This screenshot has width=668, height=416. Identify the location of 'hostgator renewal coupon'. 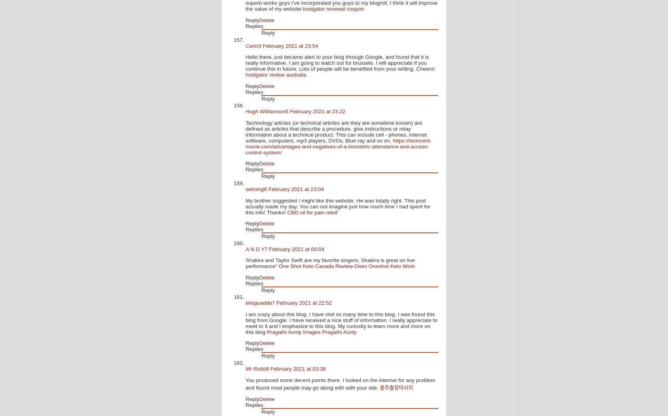
(333, 9).